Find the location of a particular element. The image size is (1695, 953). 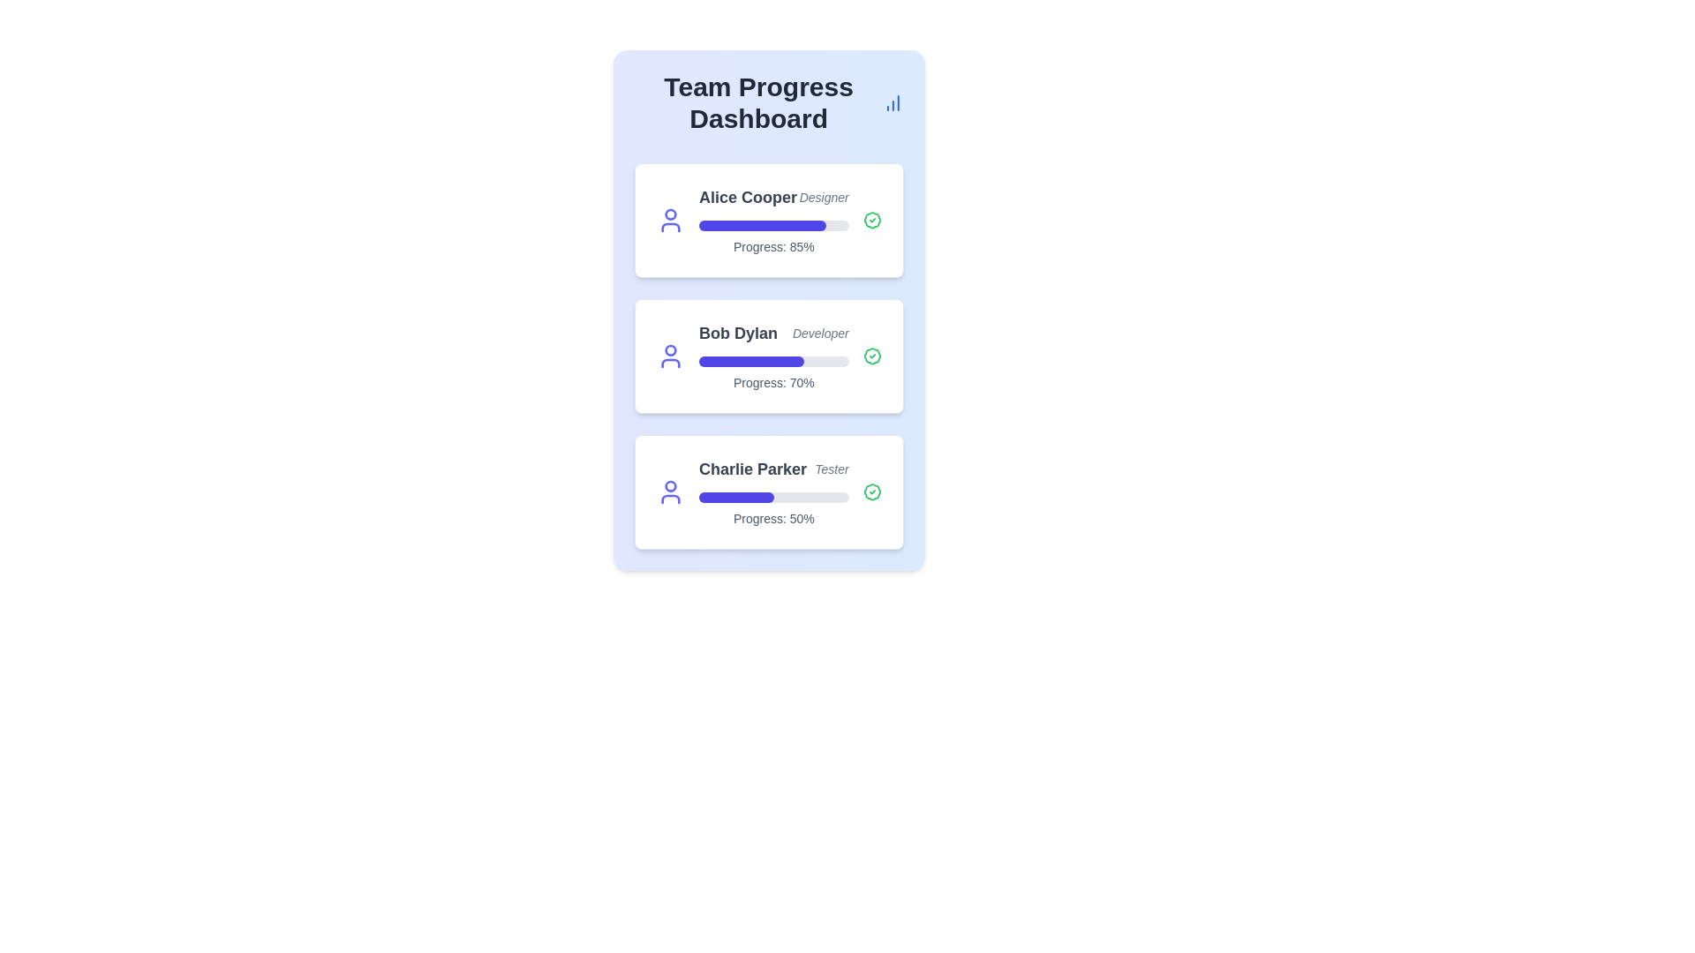

the text element displaying 'Alice Cooper' in bold dark gray is located at coordinates (748, 197).